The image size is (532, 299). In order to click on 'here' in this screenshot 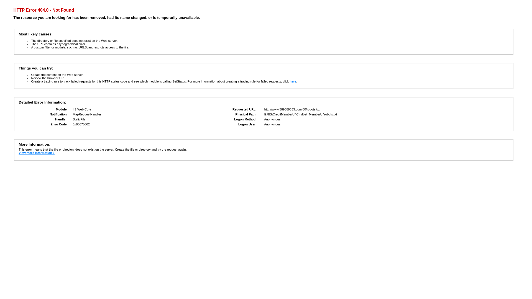, I will do `click(293, 81)`.